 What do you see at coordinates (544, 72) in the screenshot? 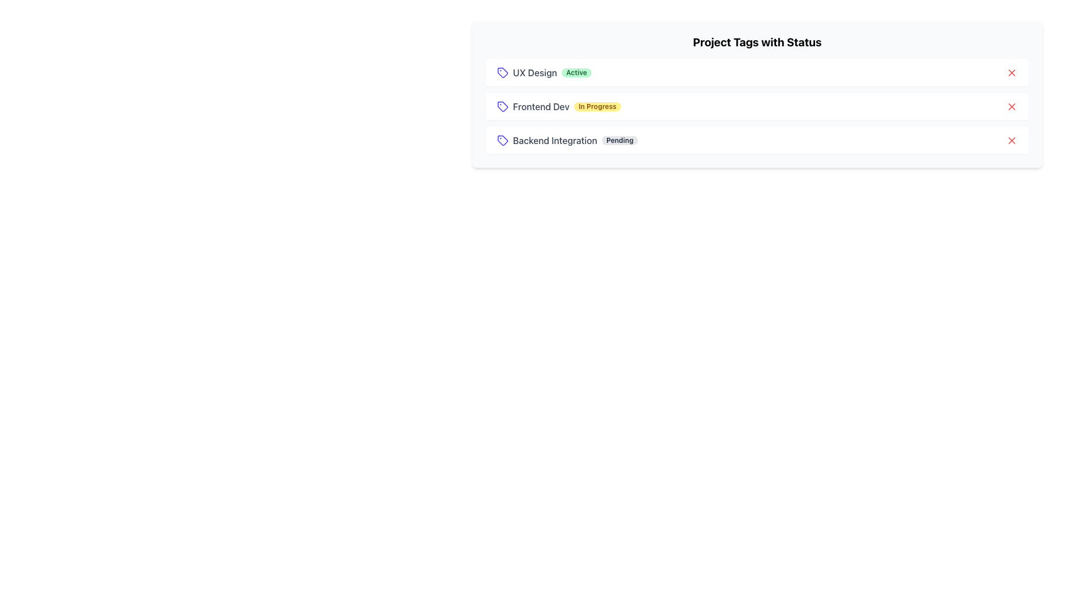
I see `the first data row displaying the tag 'UX Design' with status 'Active'` at bounding box center [544, 72].